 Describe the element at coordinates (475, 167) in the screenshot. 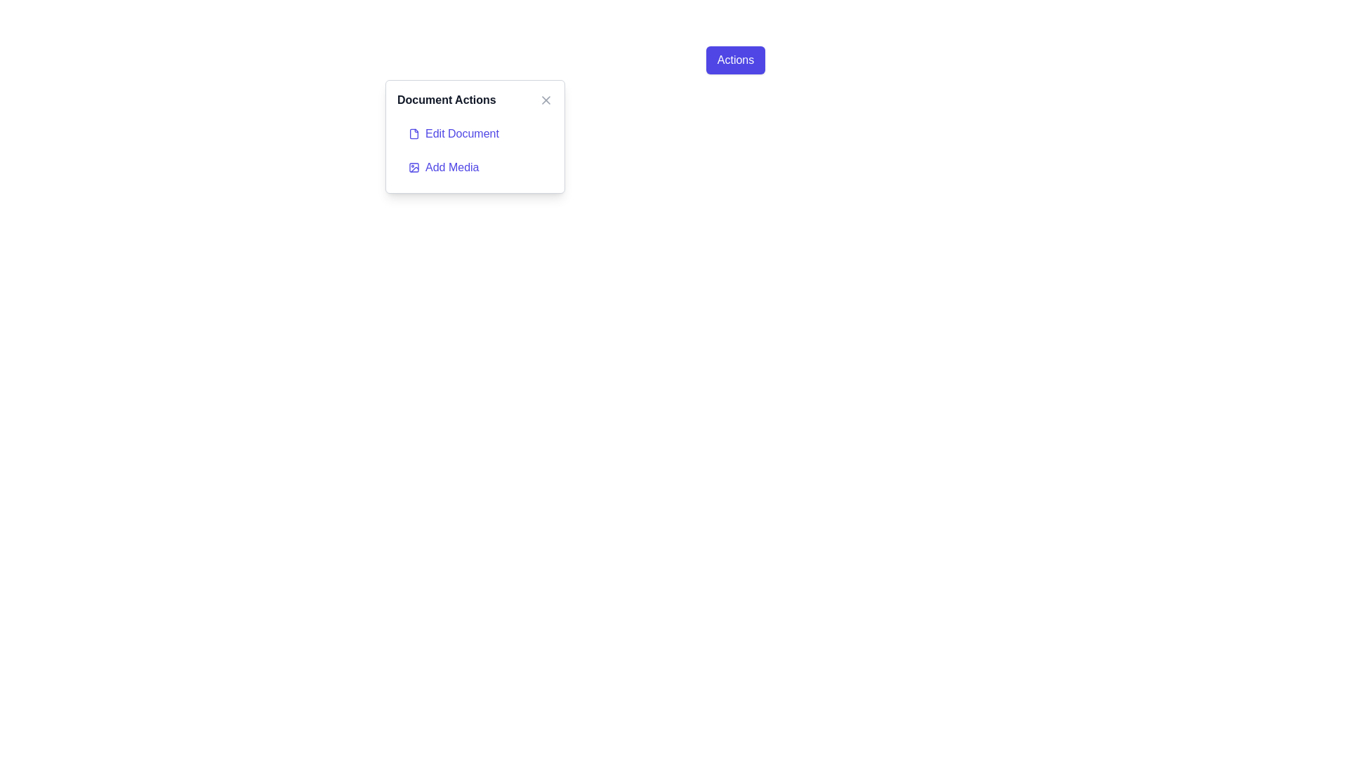

I see `the 'Add Media' button with a white background and blue text to observe the hover effect` at that location.